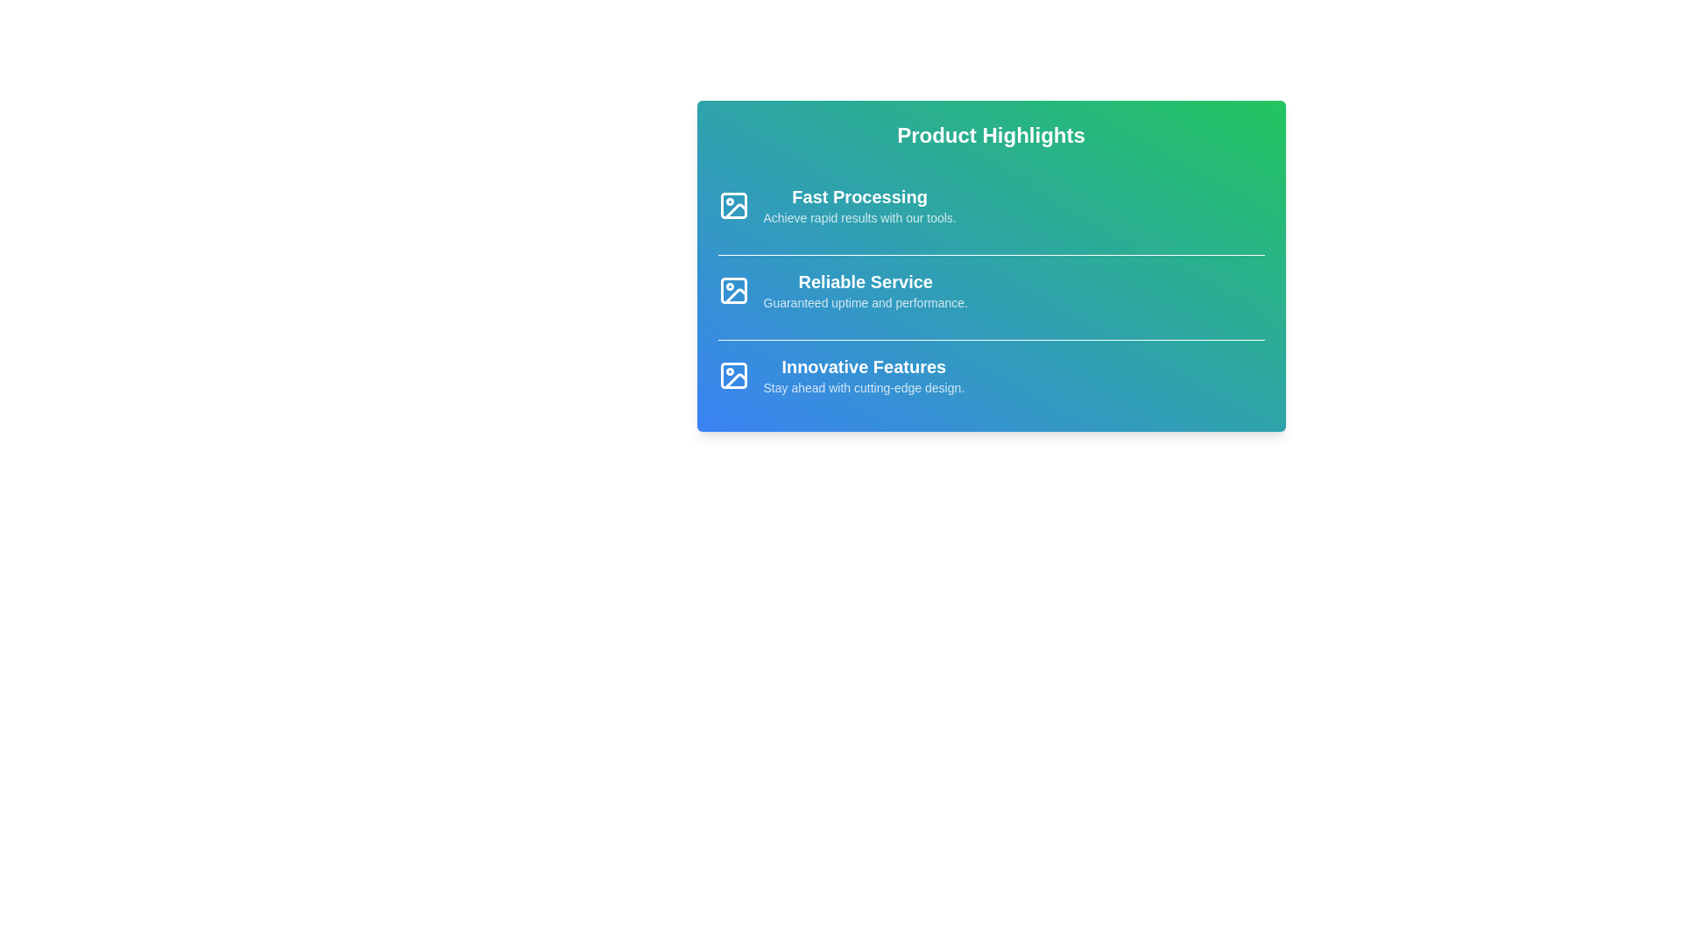  I want to click on the informational text that provides additional descriptive information about the 'Fast Processing' feature, located beneath the 'Fast Processing' text in the 'Product Highlights' section, so click(859, 217).